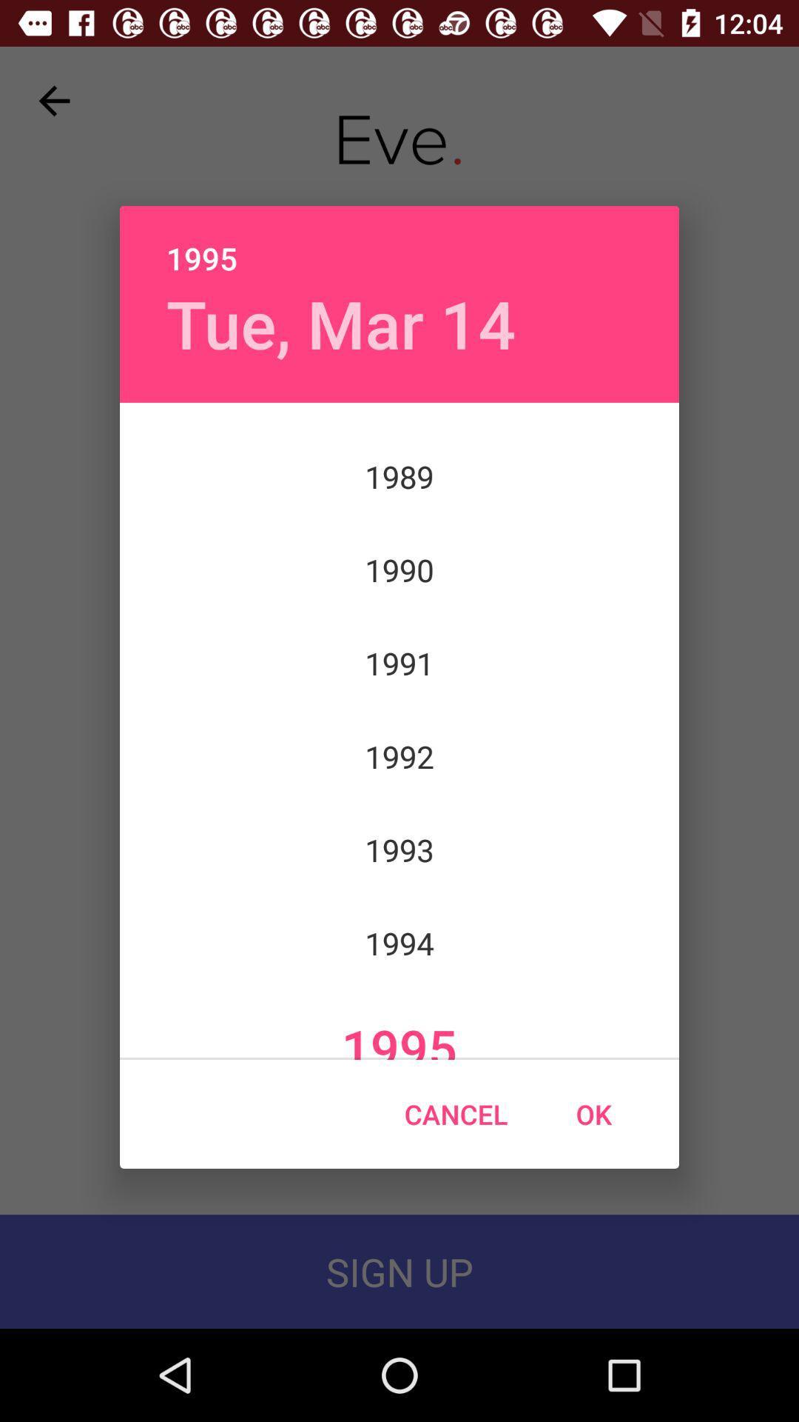 This screenshot has height=1422, width=799. I want to click on the tue, mar 14 item, so click(341, 322).